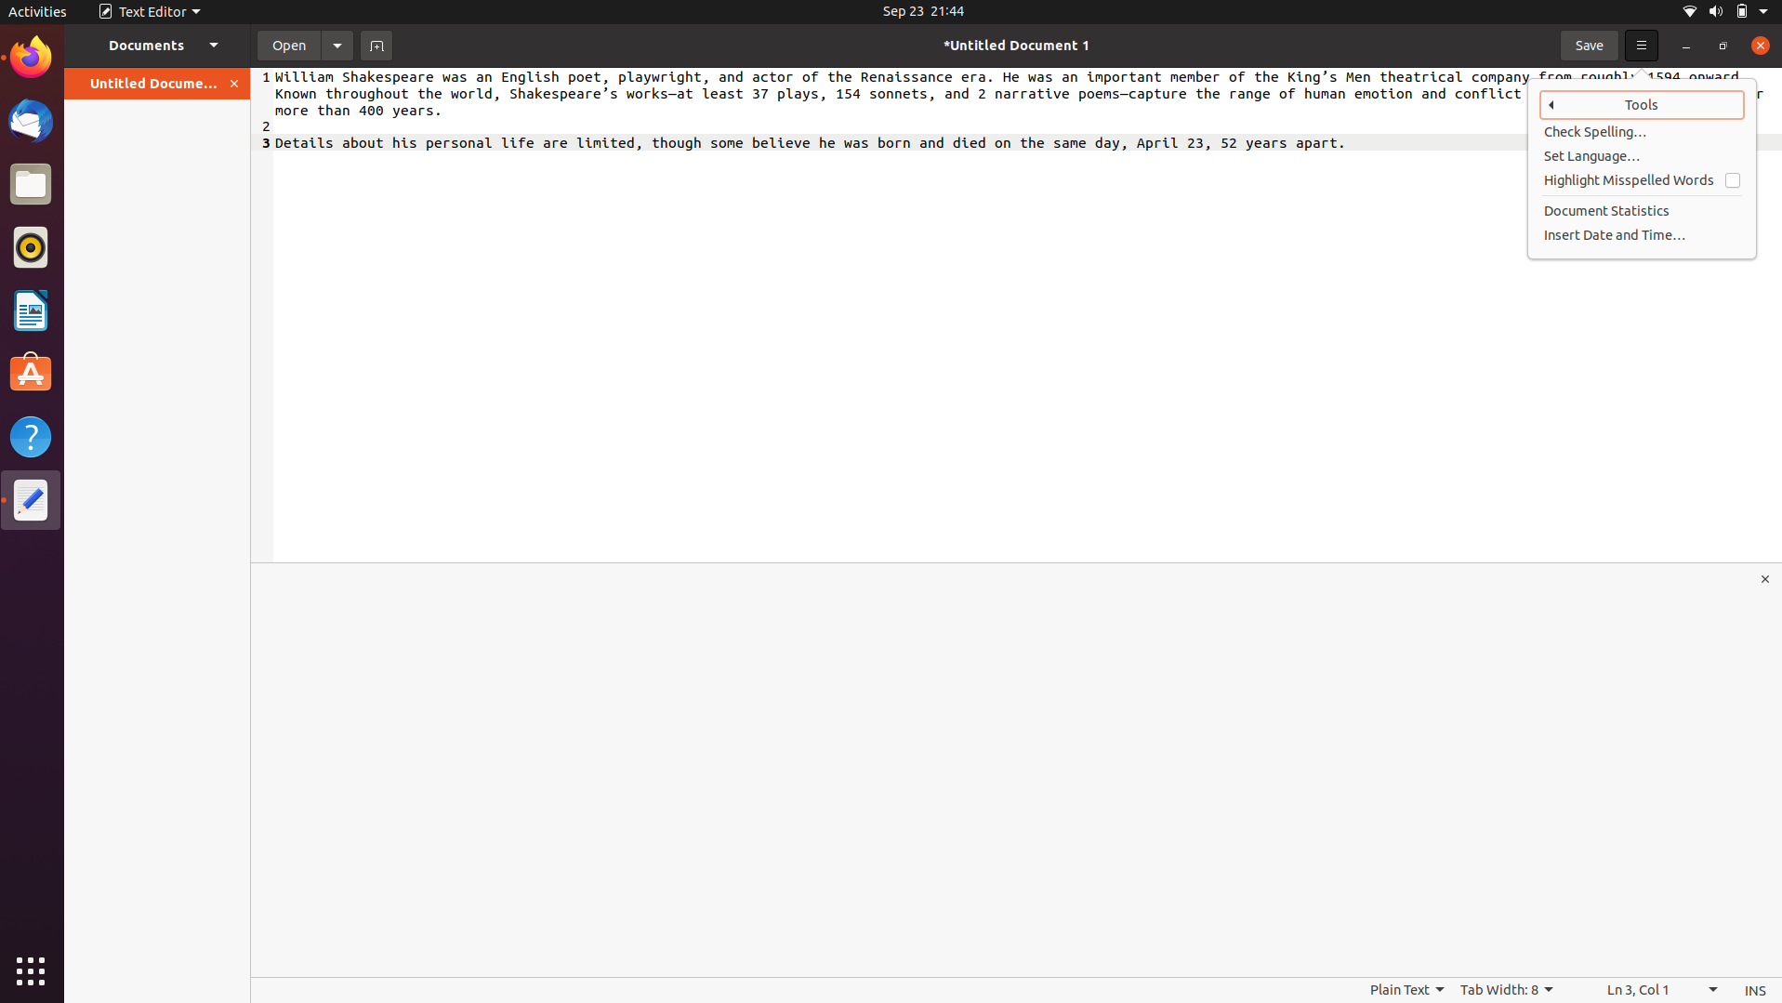 Image resolution: width=1782 pixels, height=1003 pixels. What do you see at coordinates (157, 44) in the screenshot?
I see `the second document in more documents panel` at bounding box center [157, 44].